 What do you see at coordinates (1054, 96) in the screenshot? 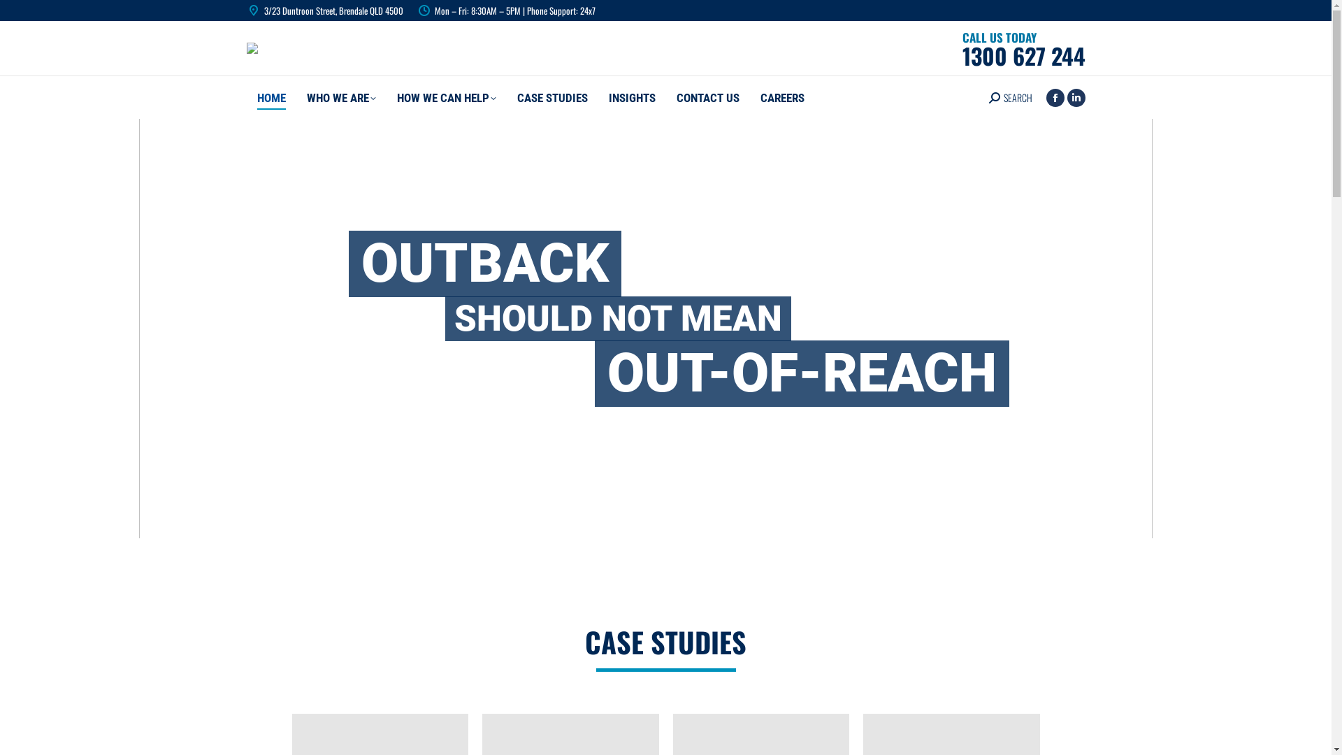
I see `'Facebook page opens in new window'` at bounding box center [1054, 96].